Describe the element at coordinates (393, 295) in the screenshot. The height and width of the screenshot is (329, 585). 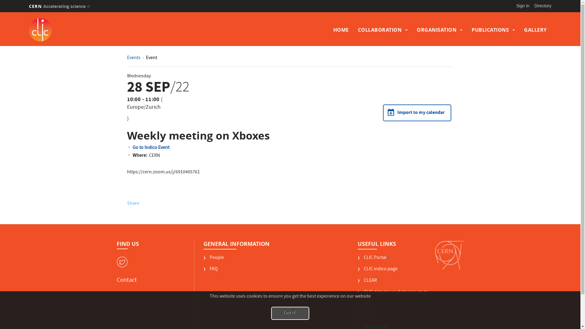
I see `'CLIC detector and physics study'` at that location.